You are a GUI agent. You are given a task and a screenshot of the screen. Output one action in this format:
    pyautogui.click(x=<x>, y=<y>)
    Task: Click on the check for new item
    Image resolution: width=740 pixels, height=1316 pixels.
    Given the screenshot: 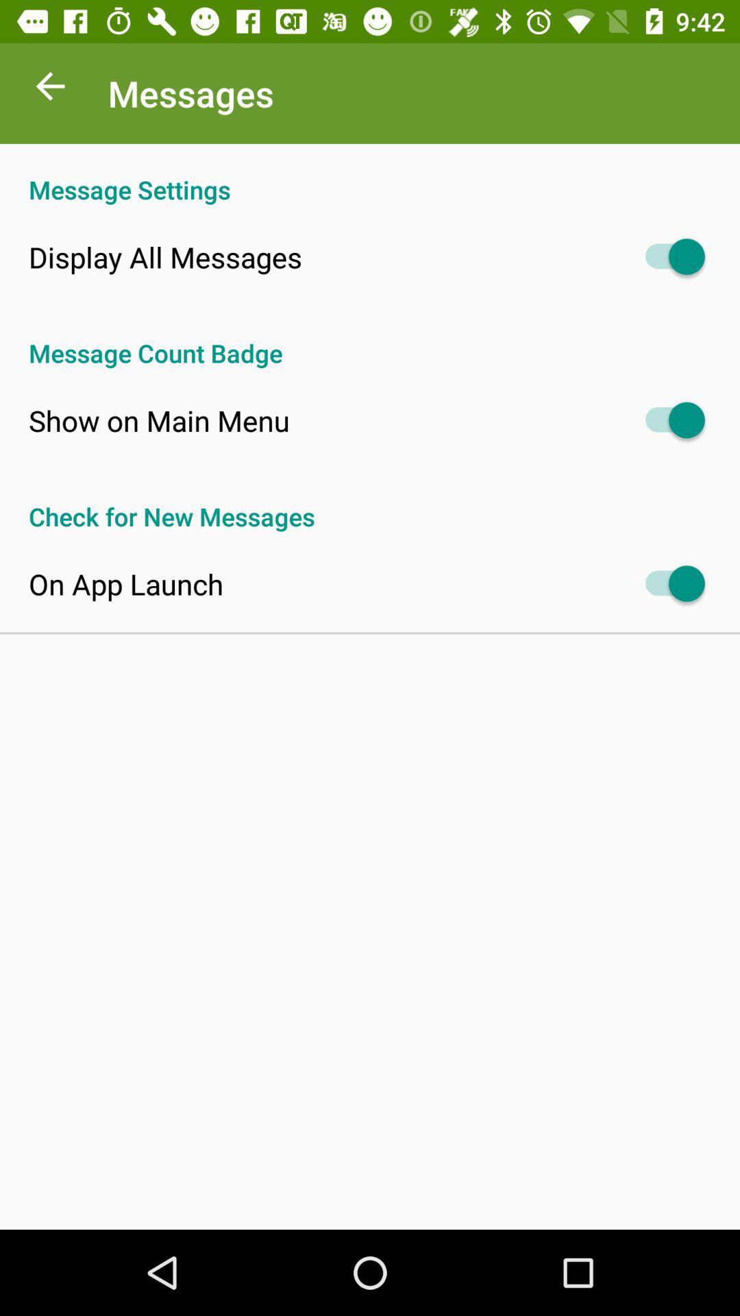 What is the action you would take?
    pyautogui.click(x=370, y=501)
    